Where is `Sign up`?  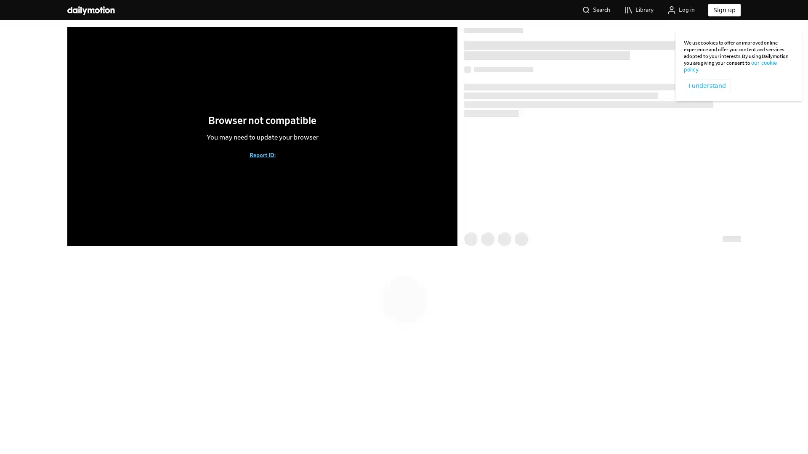
Sign up is located at coordinates (725, 10).